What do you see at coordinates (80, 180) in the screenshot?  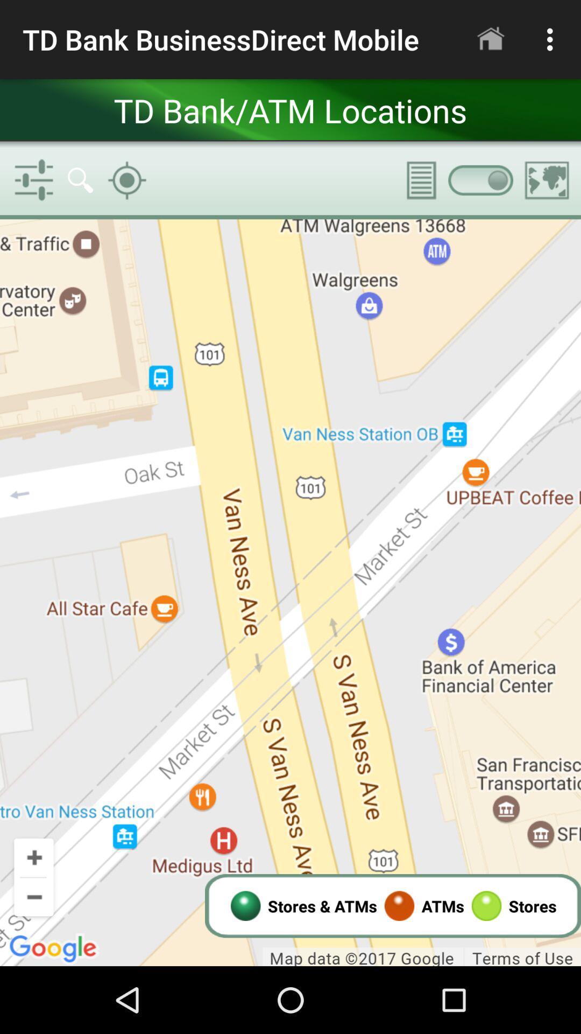 I see `the search button` at bounding box center [80, 180].